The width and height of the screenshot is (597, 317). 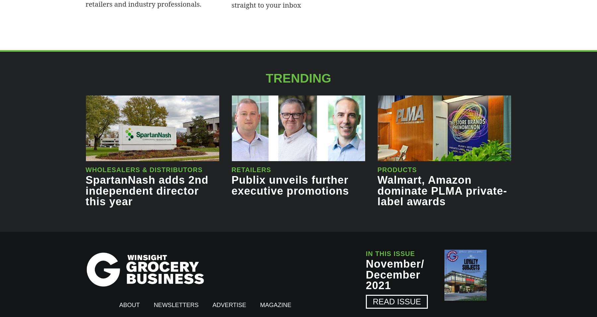 What do you see at coordinates (229, 305) in the screenshot?
I see `'Advertise'` at bounding box center [229, 305].